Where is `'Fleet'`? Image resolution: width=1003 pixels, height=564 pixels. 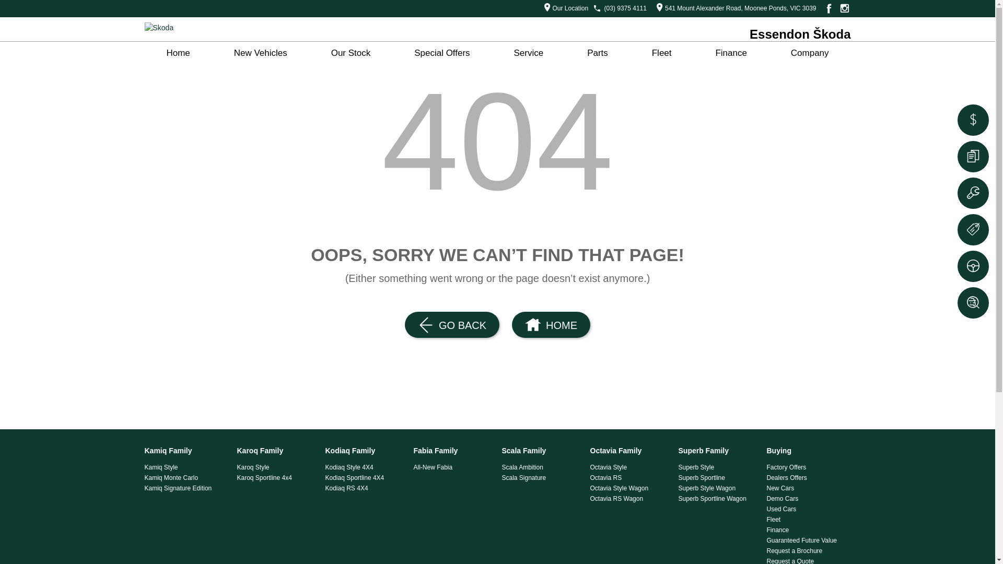 'Fleet' is located at coordinates (661, 53).